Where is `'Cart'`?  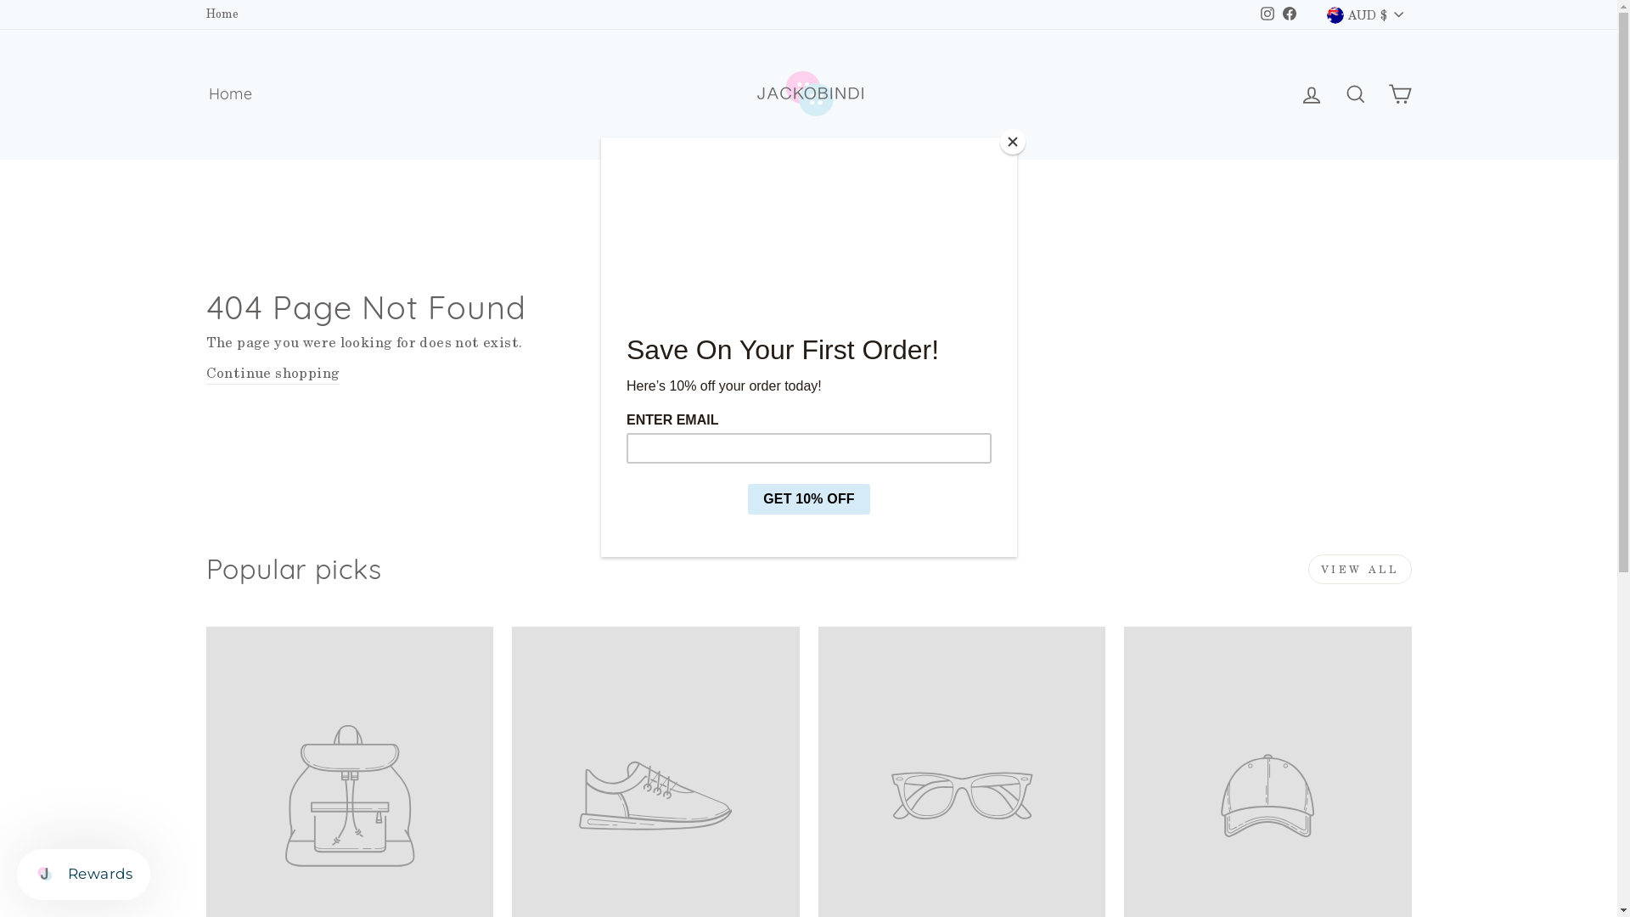 'Cart' is located at coordinates (1398, 94).